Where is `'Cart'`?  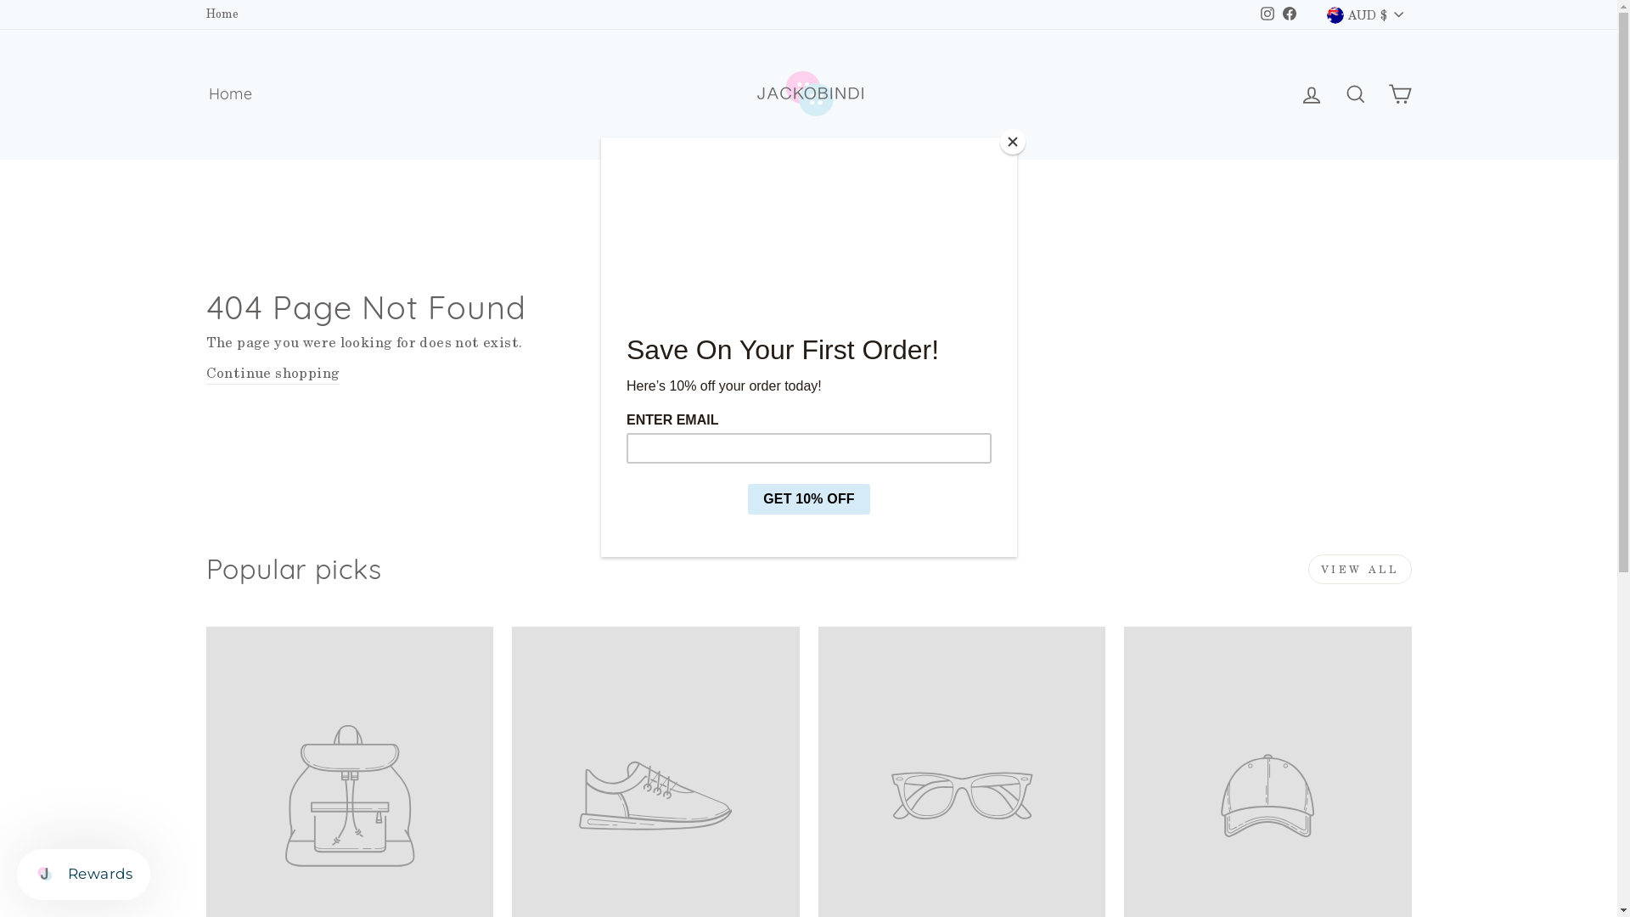 'Cart' is located at coordinates (1398, 94).